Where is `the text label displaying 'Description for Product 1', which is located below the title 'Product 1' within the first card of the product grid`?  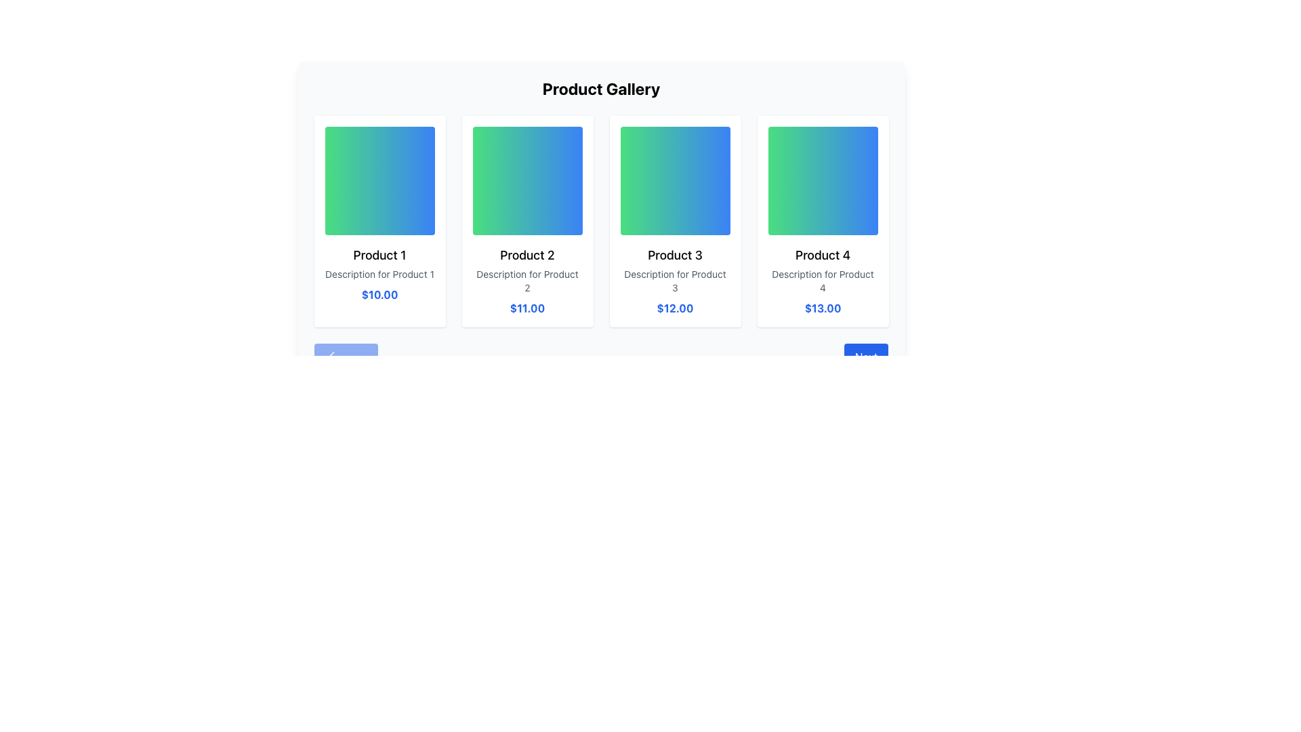 the text label displaying 'Description for Product 1', which is located below the title 'Product 1' within the first card of the product grid is located at coordinates (379, 274).